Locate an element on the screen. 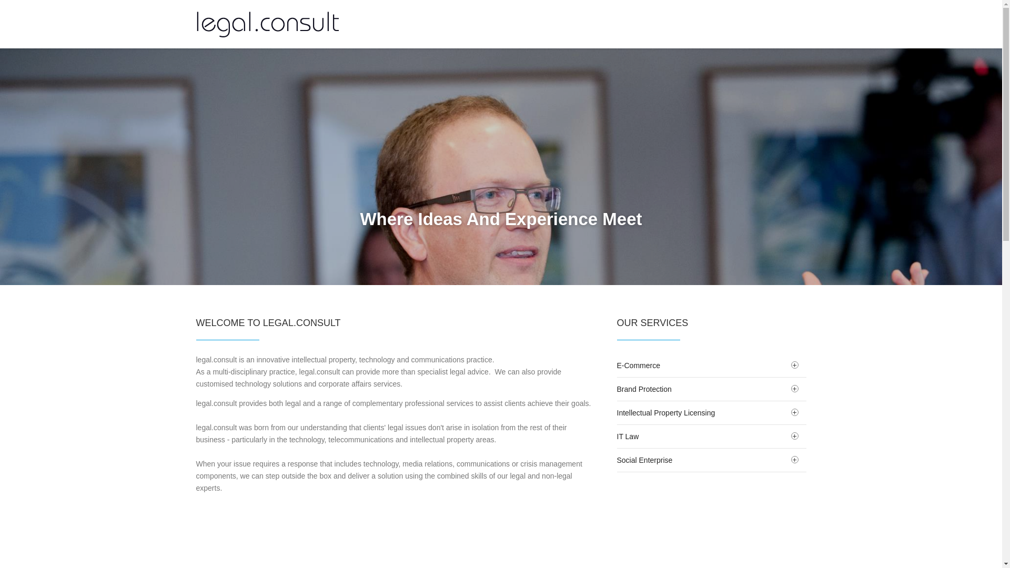 This screenshot has width=1010, height=568. 'Brand Protection' is located at coordinates (711, 389).